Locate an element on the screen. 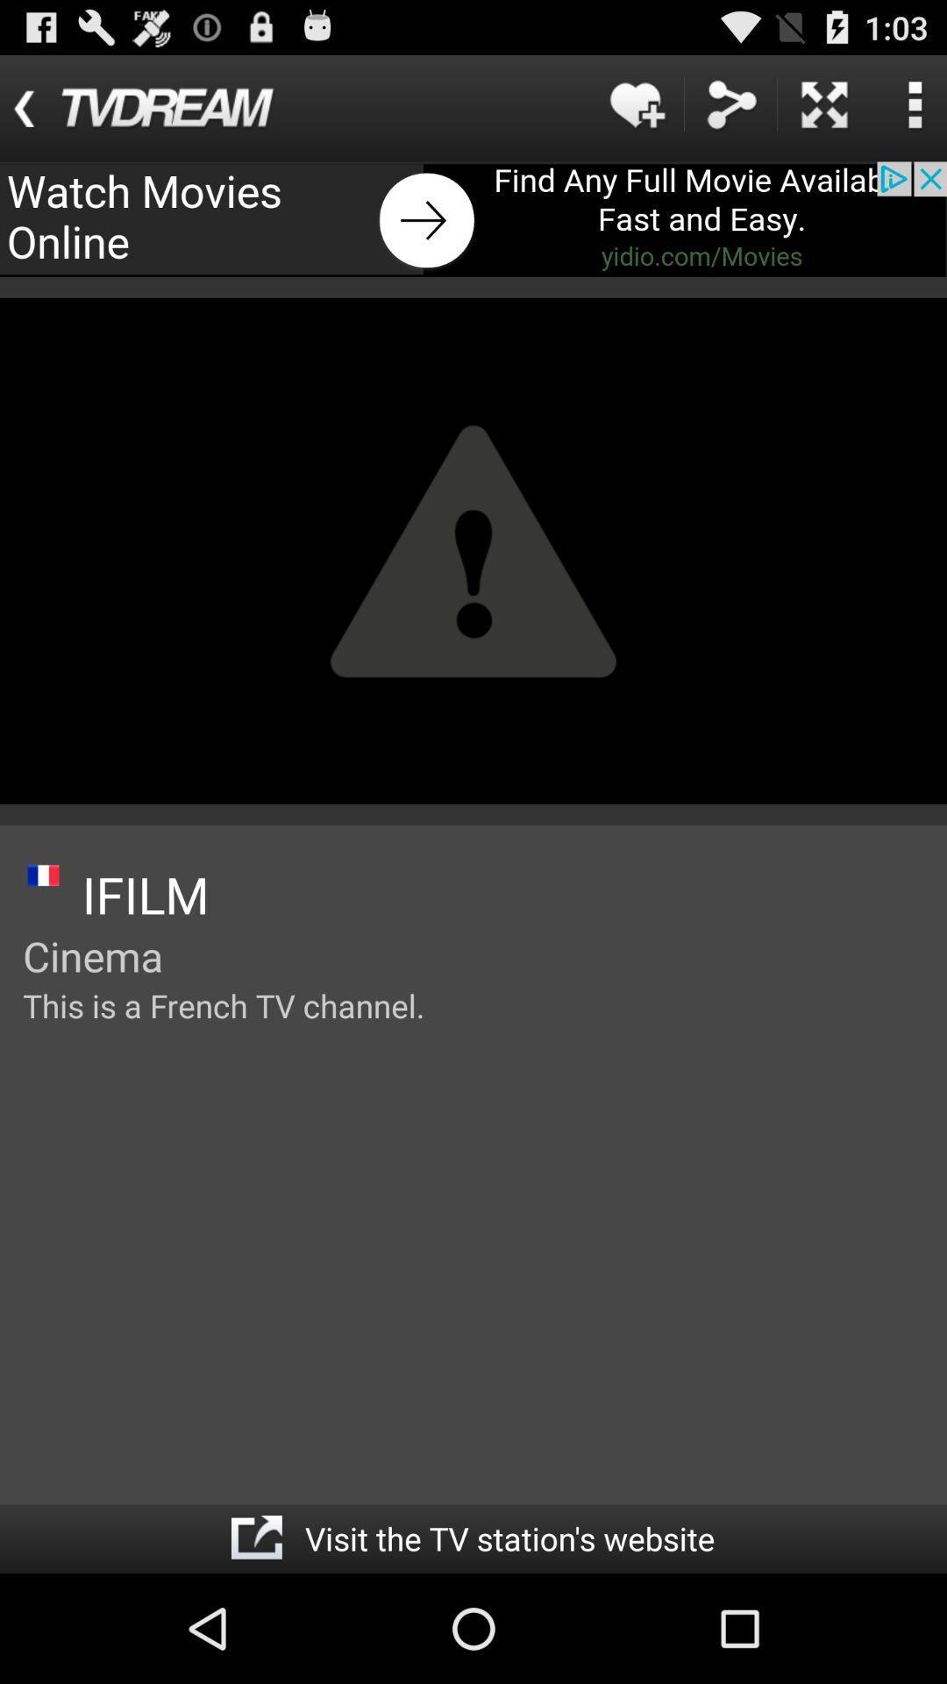  share on social media is located at coordinates (730, 103).